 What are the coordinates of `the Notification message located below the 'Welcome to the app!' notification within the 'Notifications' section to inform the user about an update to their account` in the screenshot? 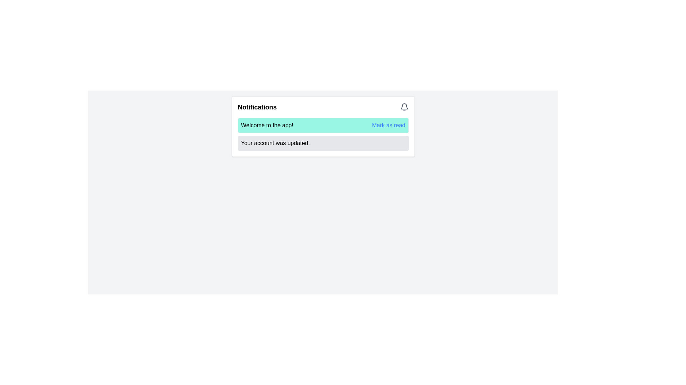 It's located at (323, 143).